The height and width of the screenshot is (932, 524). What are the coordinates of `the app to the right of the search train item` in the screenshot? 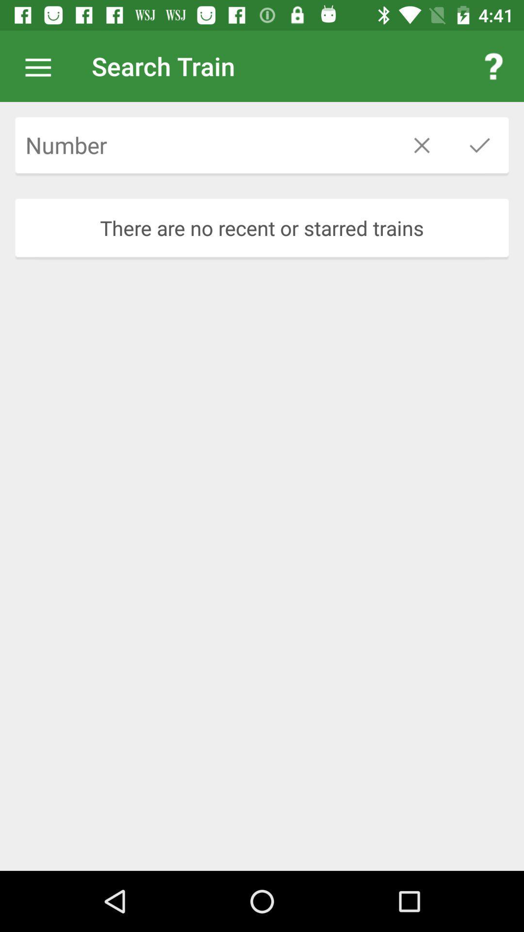 It's located at (493, 66).